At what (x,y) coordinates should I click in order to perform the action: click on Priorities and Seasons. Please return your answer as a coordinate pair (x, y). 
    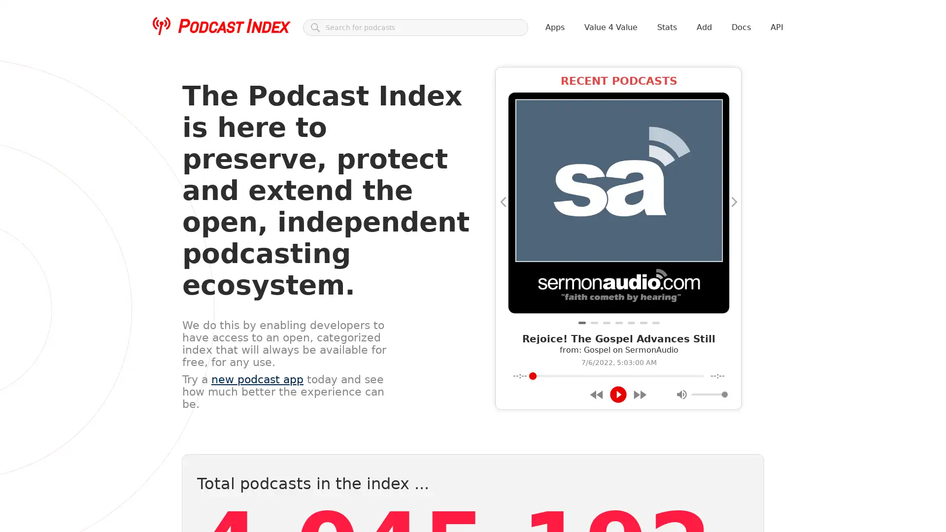
    Looking at the image, I should click on (643, 323).